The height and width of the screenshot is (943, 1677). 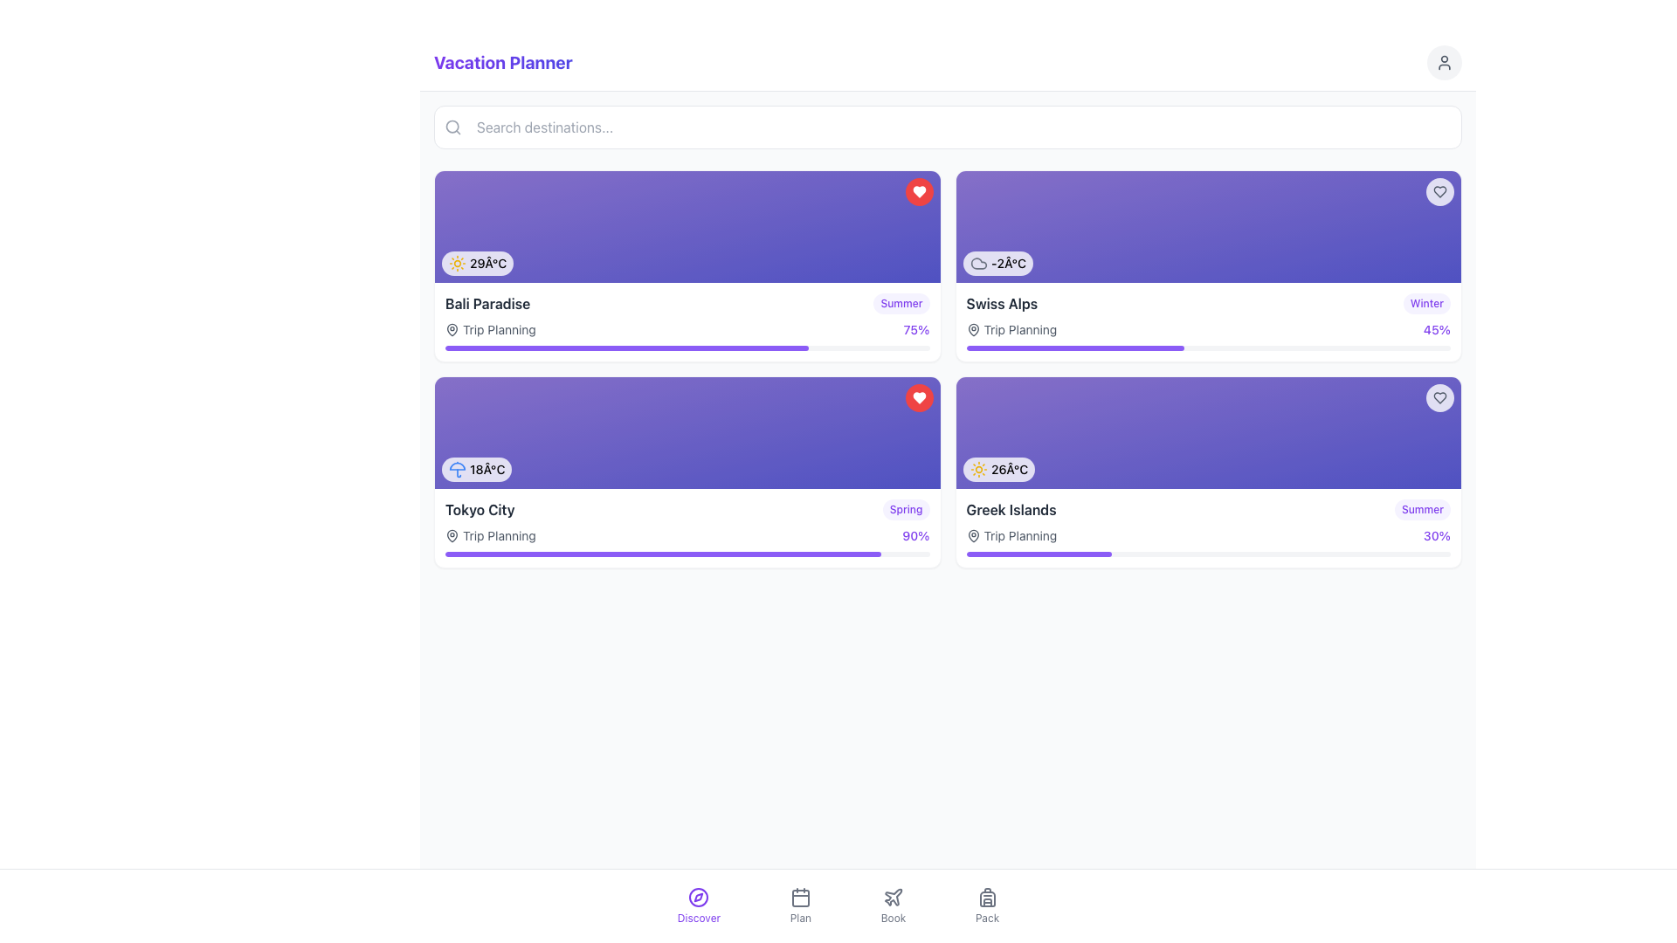 What do you see at coordinates (457, 263) in the screenshot?
I see `the sunny weather icon located within the badge at the top left of the 'Bali Paradise' card, which is the first icon among similar icons` at bounding box center [457, 263].